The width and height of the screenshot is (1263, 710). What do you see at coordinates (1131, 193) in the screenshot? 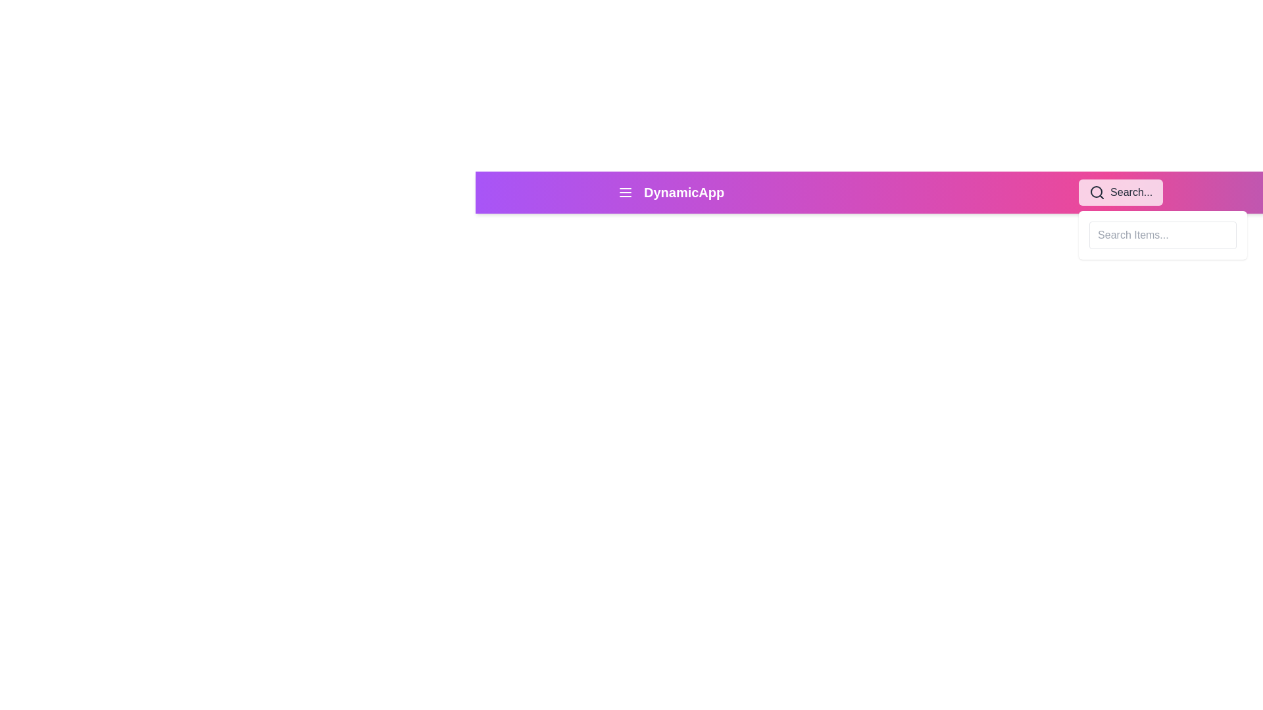
I see `the 'Search...' text label located in the search bar at the top-right corner of the page, which appears next to a search icon` at bounding box center [1131, 193].